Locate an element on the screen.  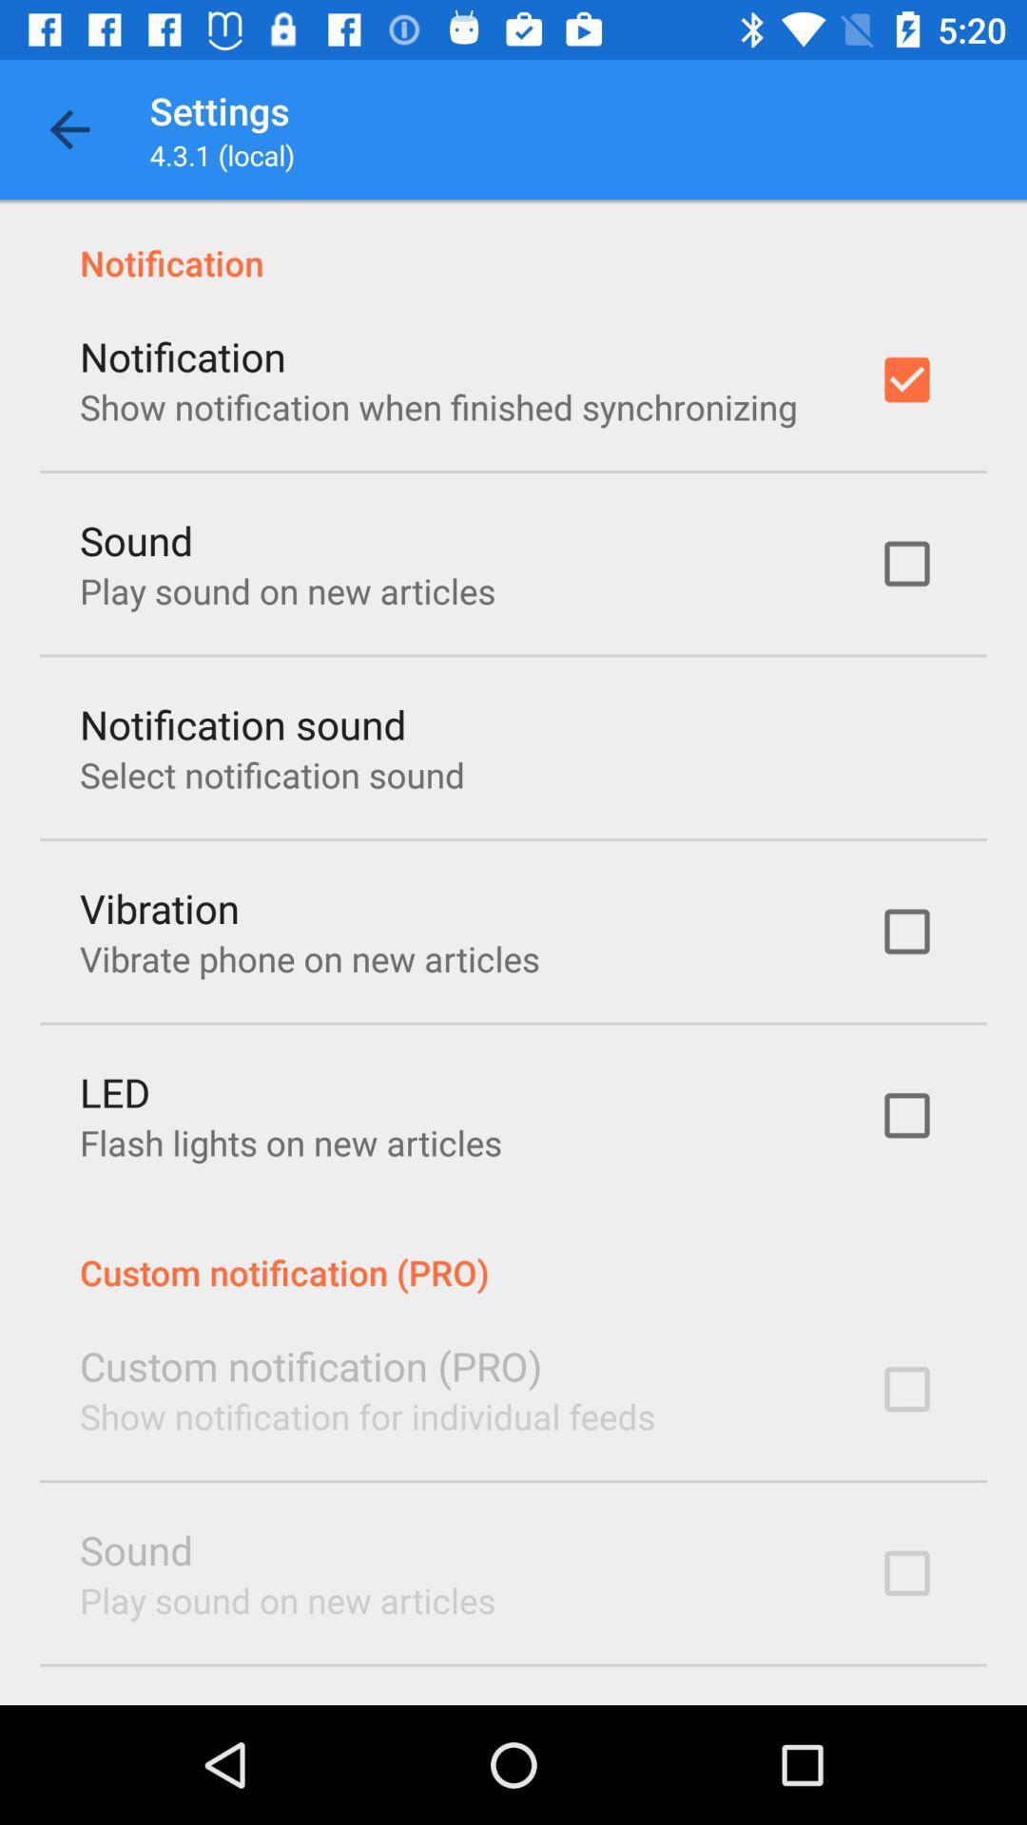
the vibrate phone on is located at coordinates (308, 958).